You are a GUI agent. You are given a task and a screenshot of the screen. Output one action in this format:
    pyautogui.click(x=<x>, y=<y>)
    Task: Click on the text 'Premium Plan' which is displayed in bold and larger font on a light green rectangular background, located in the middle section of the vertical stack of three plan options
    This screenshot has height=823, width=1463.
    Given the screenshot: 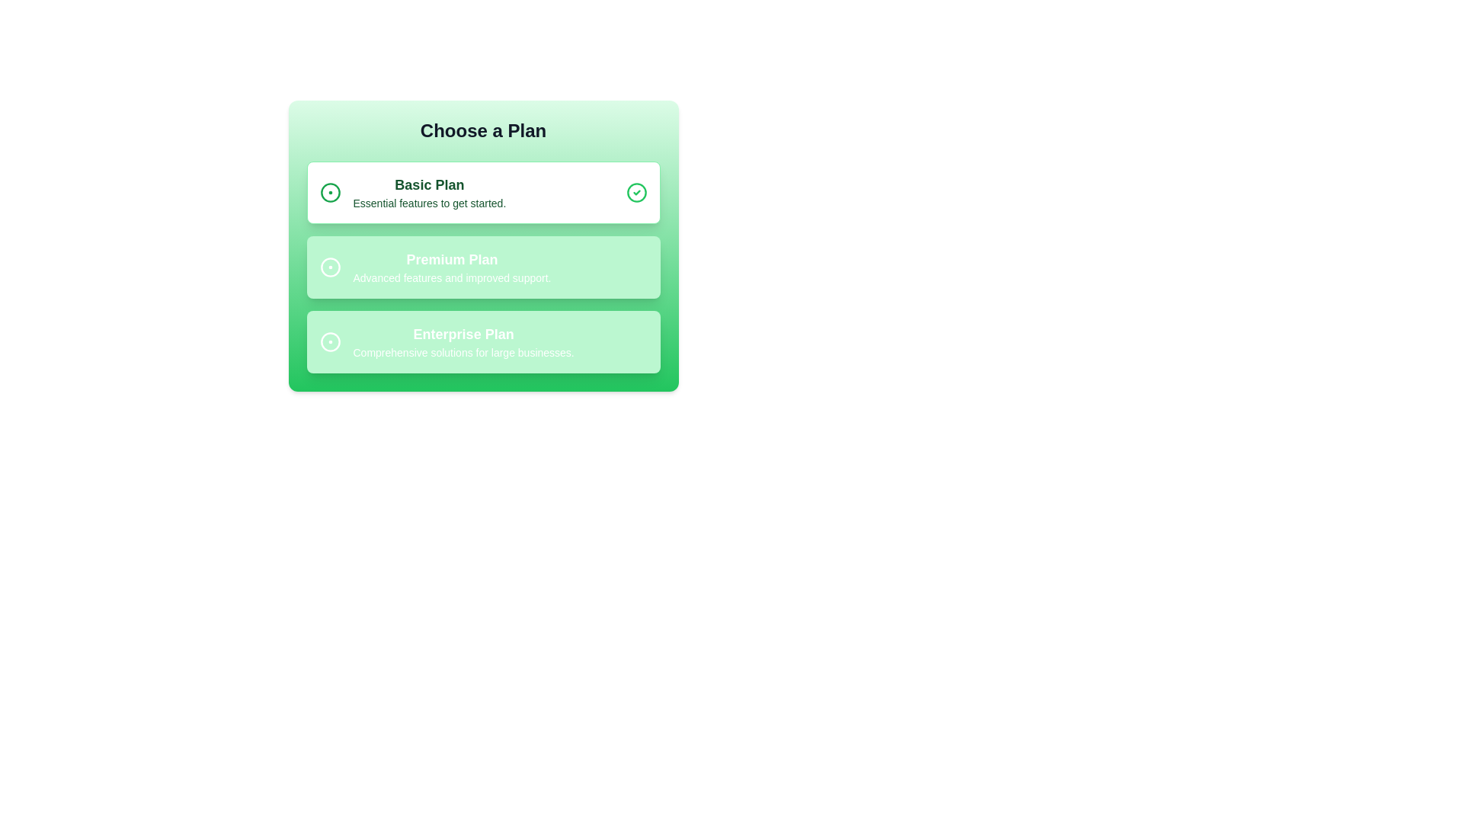 What is the action you would take?
    pyautogui.click(x=451, y=258)
    